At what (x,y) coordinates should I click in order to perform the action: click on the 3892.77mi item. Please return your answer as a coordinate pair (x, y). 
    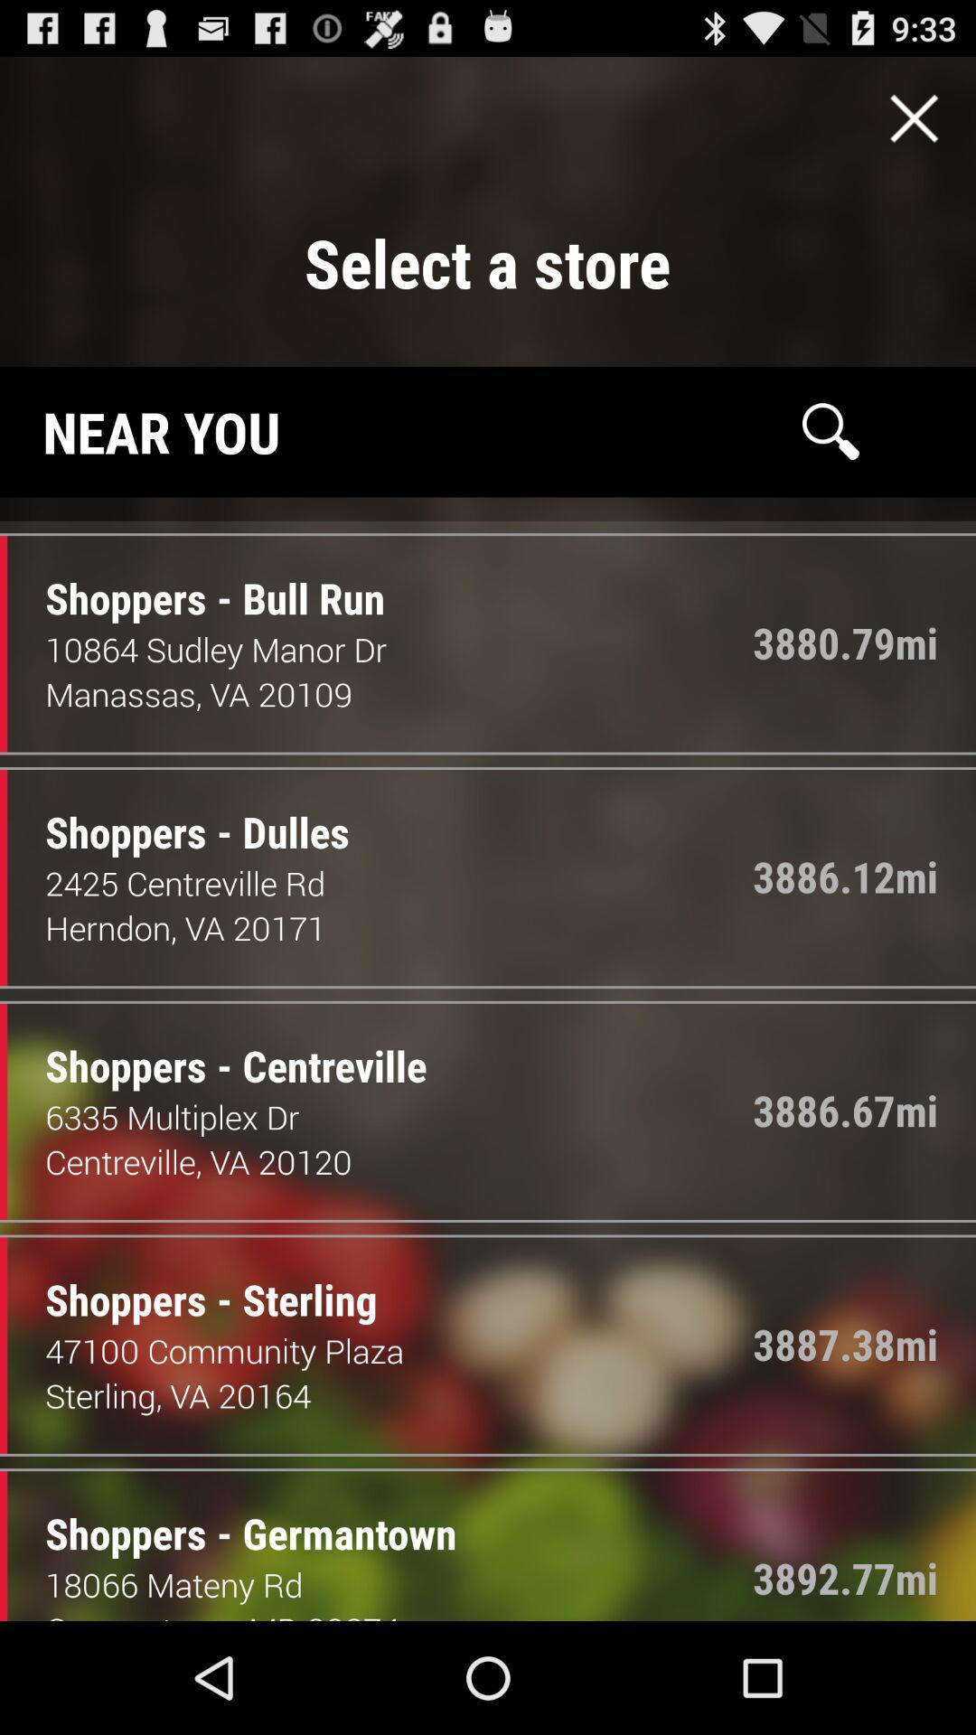
    Looking at the image, I should click on (845, 1577).